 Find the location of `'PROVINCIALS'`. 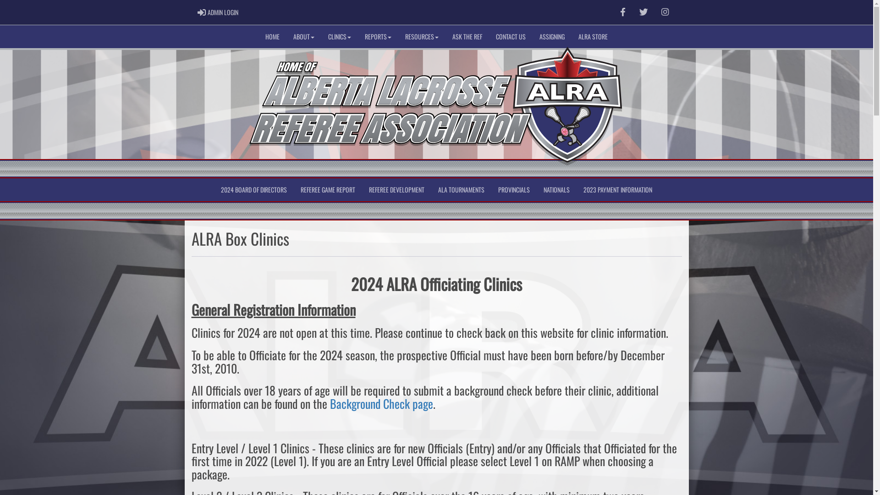

'PROVINCIALS' is located at coordinates (514, 189).